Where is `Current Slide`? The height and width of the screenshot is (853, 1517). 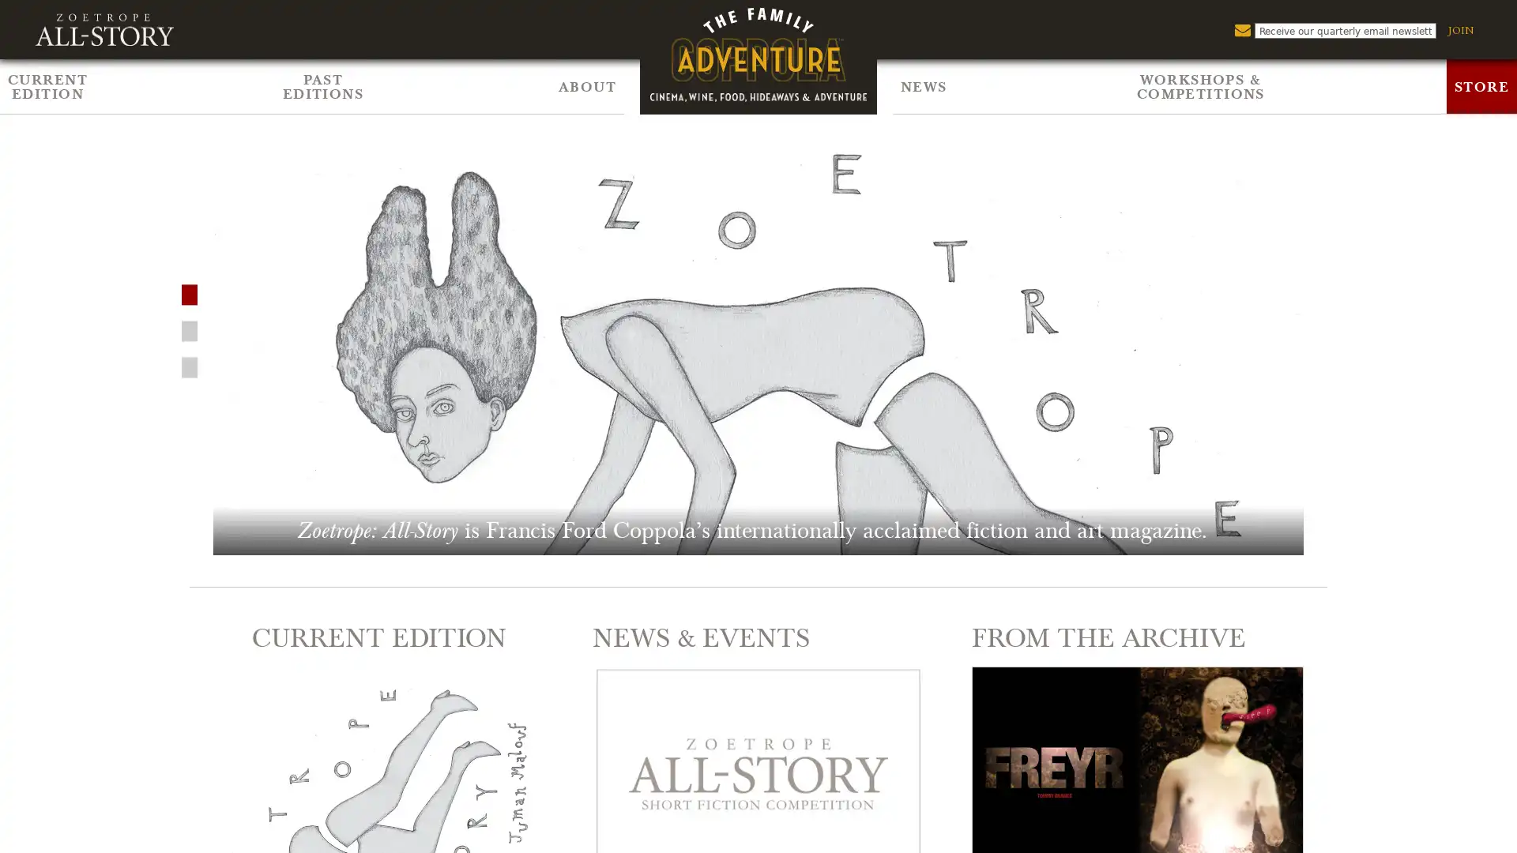
Current Slide is located at coordinates (190, 329).